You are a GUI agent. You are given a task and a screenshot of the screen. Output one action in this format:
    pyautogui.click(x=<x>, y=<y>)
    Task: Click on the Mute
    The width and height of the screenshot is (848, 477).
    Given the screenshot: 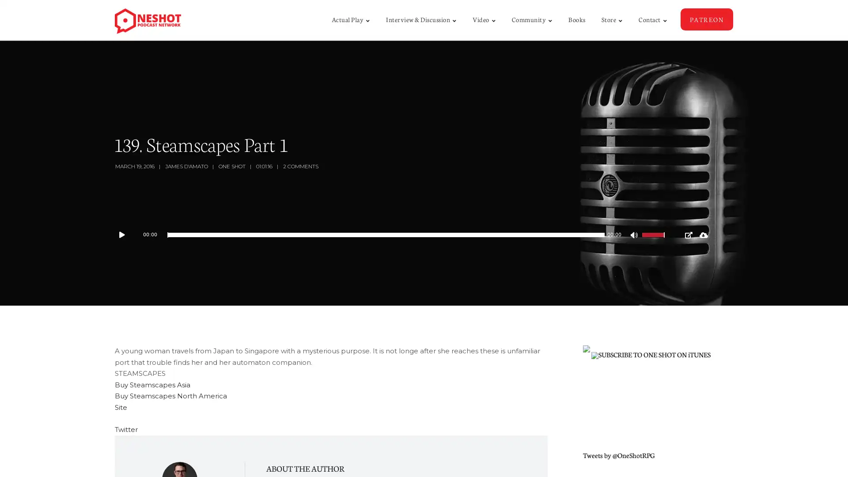 What is the action you would take?
    pyautogui.click(x=635, y=236)
    